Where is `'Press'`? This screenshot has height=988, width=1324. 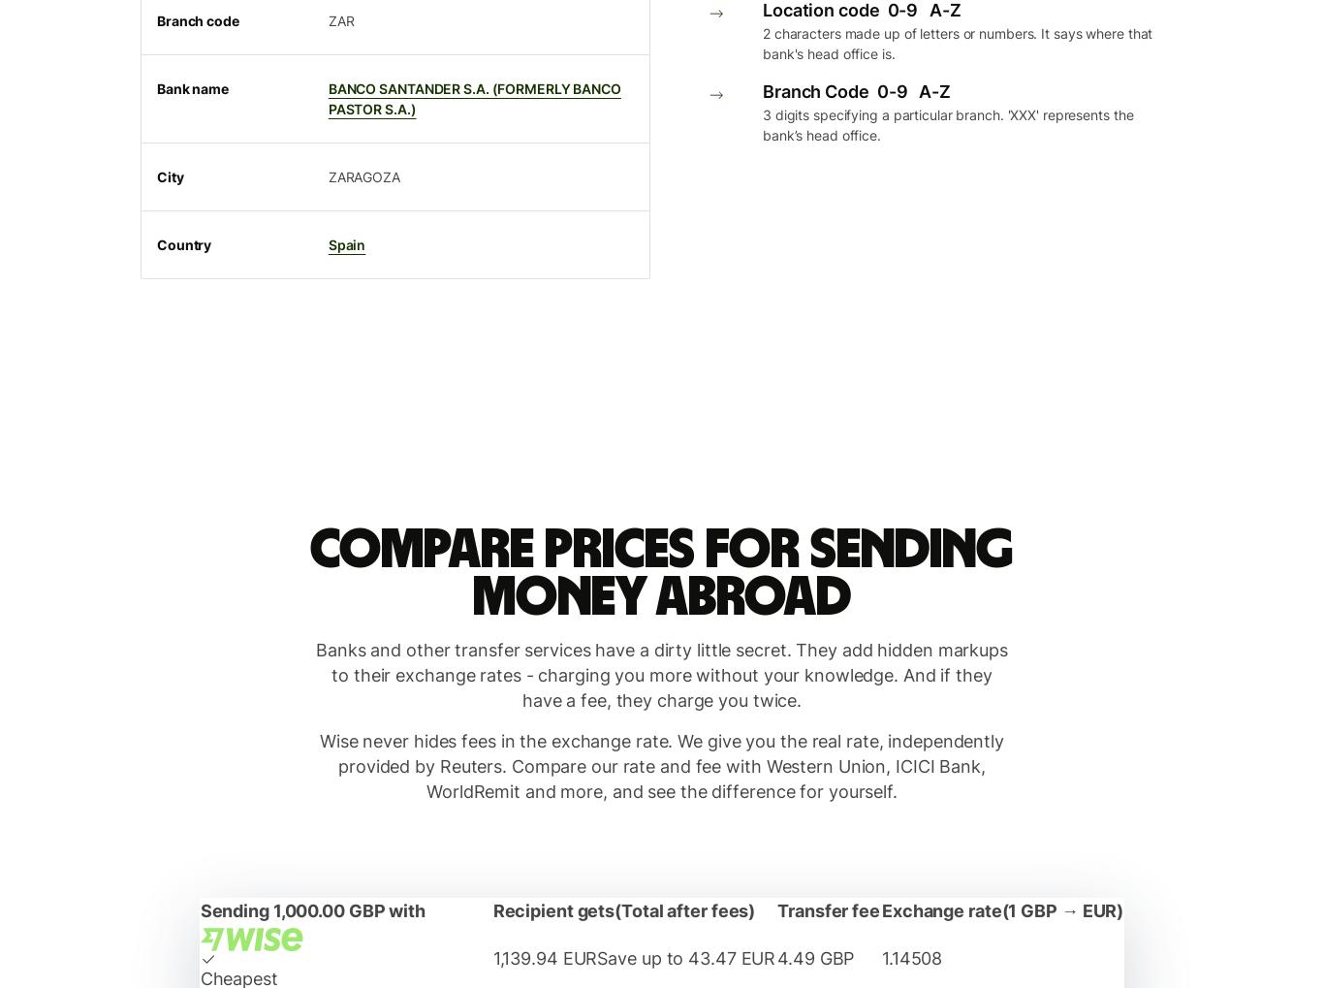
'Press' is located at coordinates (144, 69).